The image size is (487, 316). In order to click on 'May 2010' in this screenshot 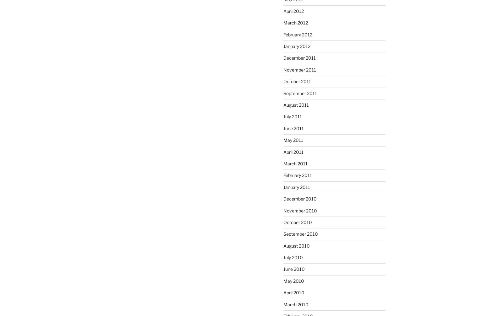, I will do `click(283, 280)`.